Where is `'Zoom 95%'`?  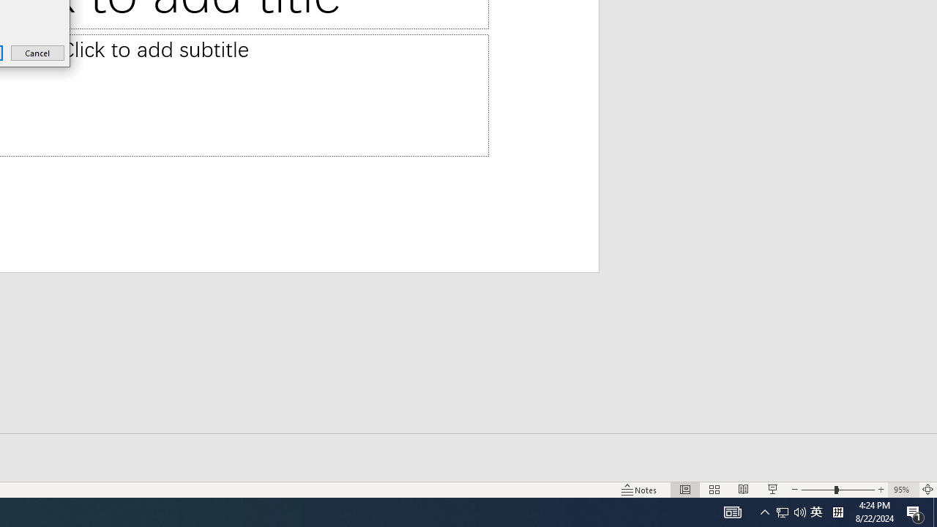 'Zoom 95%' is located at coordinates (903, 490).